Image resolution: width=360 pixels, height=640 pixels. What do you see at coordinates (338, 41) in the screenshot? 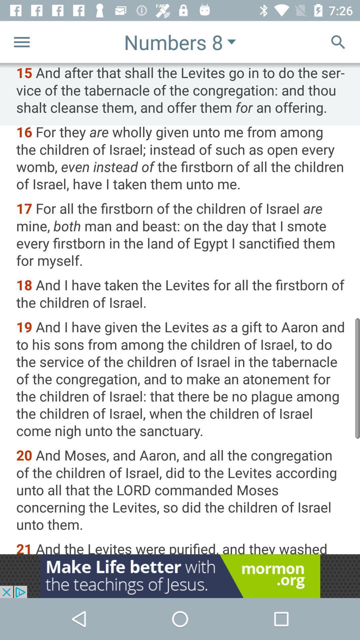
I see `the search icon` at bounding box center [338, 41].